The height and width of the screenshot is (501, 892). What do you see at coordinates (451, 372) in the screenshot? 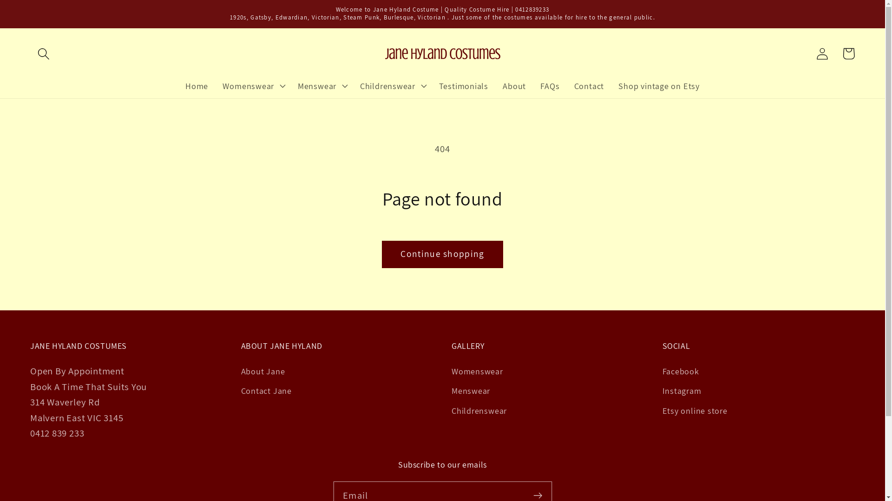
I see `'Womenswear'` at bounding box center [451, 372].